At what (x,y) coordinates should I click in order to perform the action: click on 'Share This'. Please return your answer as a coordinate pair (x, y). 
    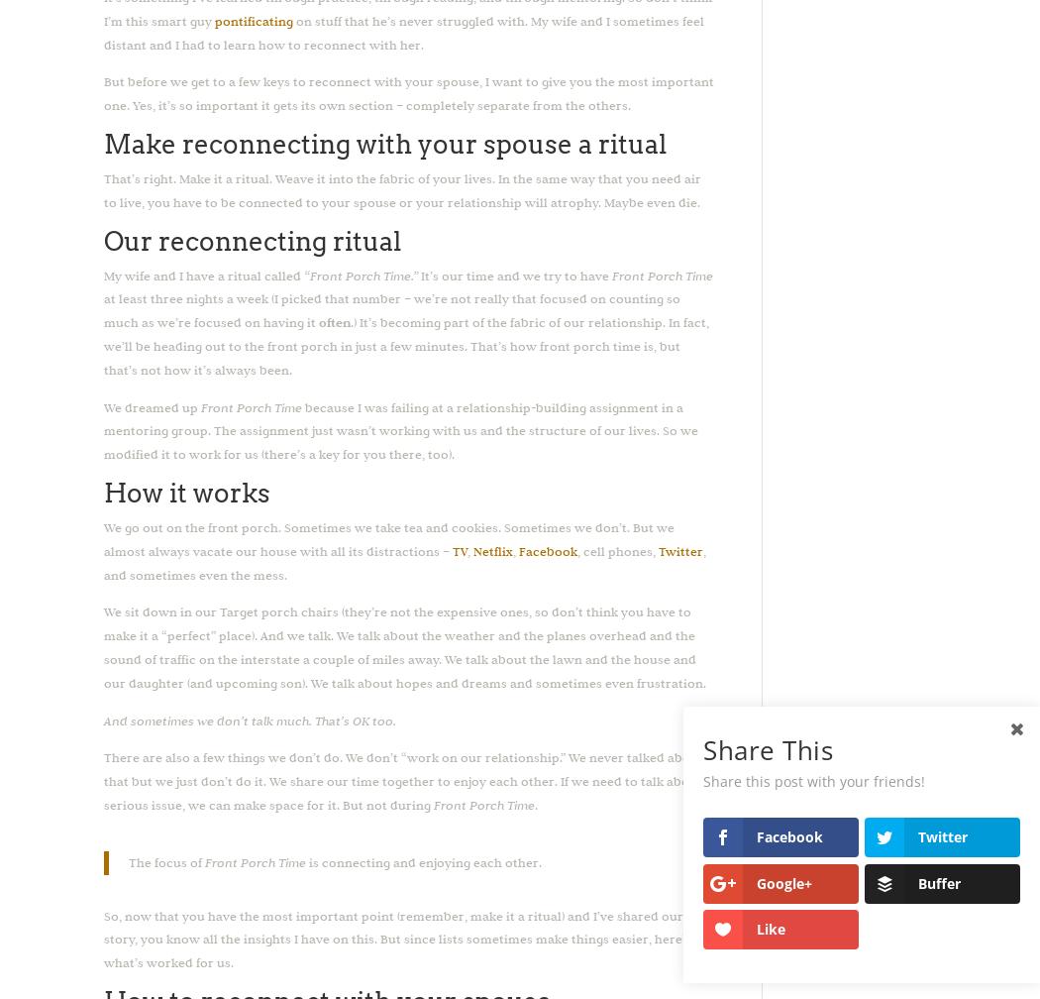
    Looking at the image, I should click on (768, 750).